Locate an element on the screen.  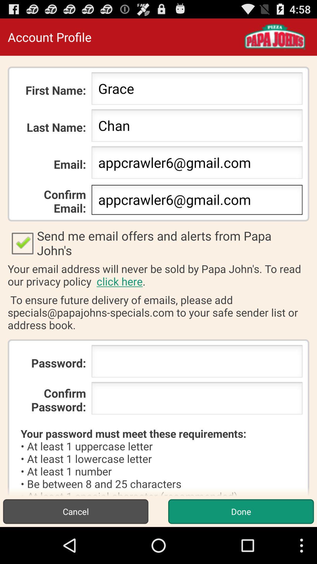
the item above chan is located at coordinates (197, 90).